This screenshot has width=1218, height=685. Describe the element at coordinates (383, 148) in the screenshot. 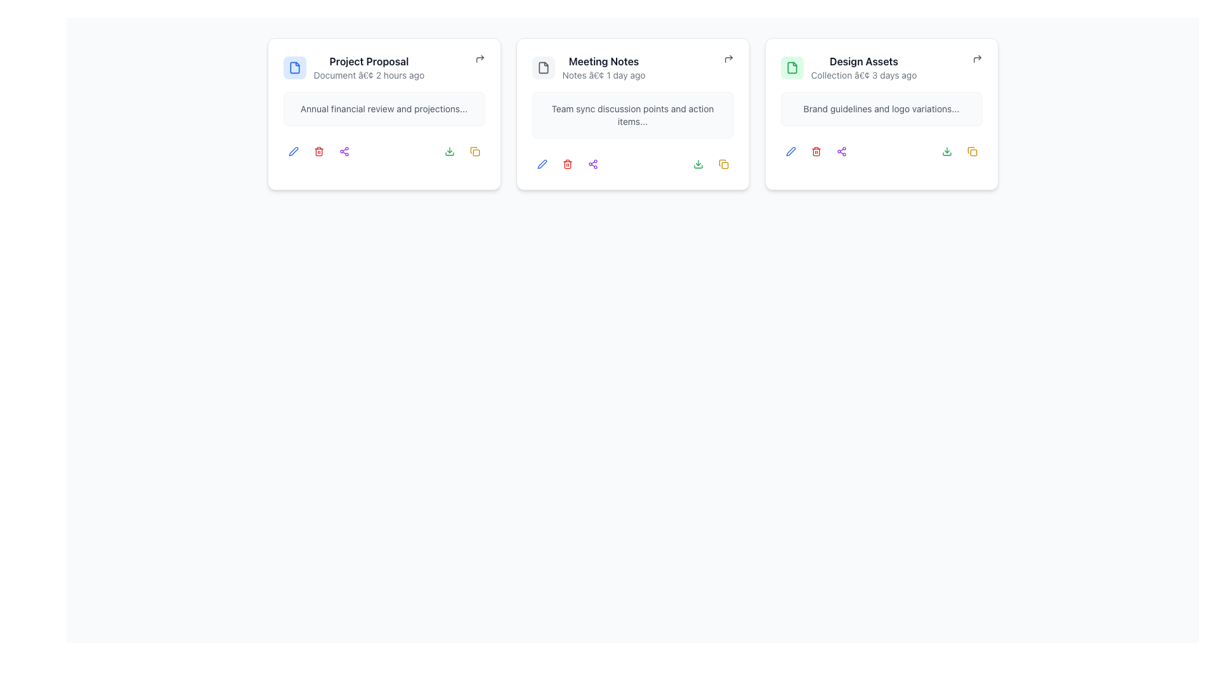

I see `the horizontal action bar located at the bottom of the 'Project Proposal' card` at that location.